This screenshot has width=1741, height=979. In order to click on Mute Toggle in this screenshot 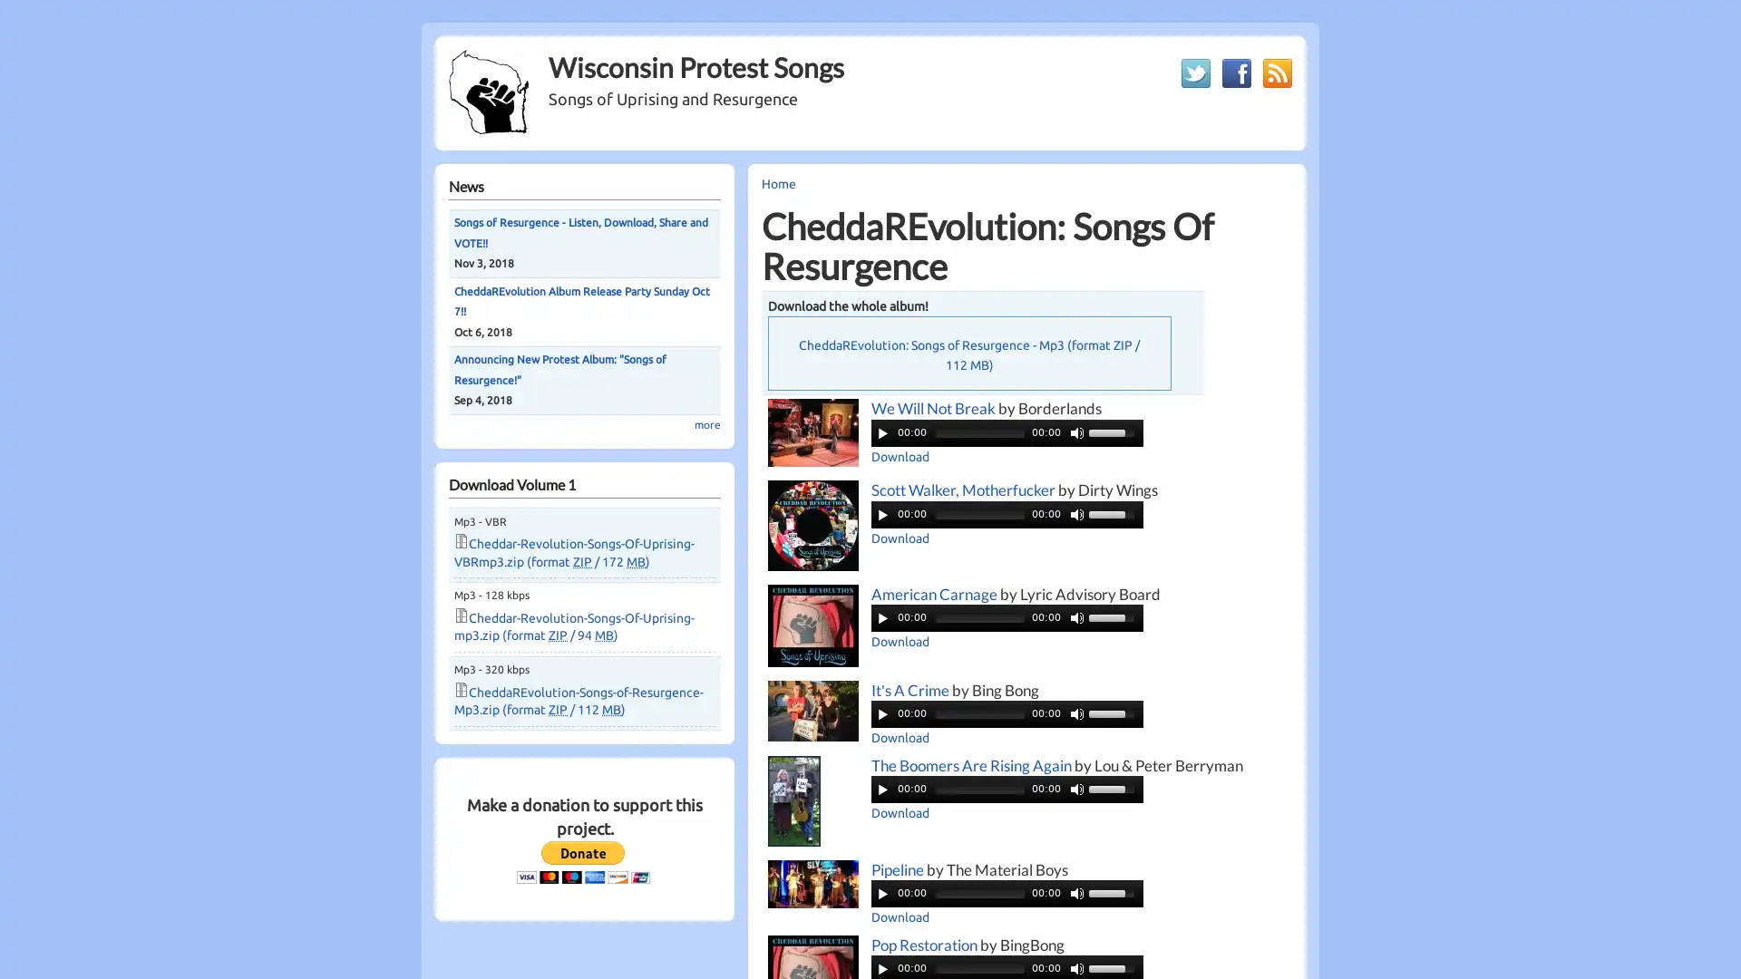, I will do `click(1077, 617)`.